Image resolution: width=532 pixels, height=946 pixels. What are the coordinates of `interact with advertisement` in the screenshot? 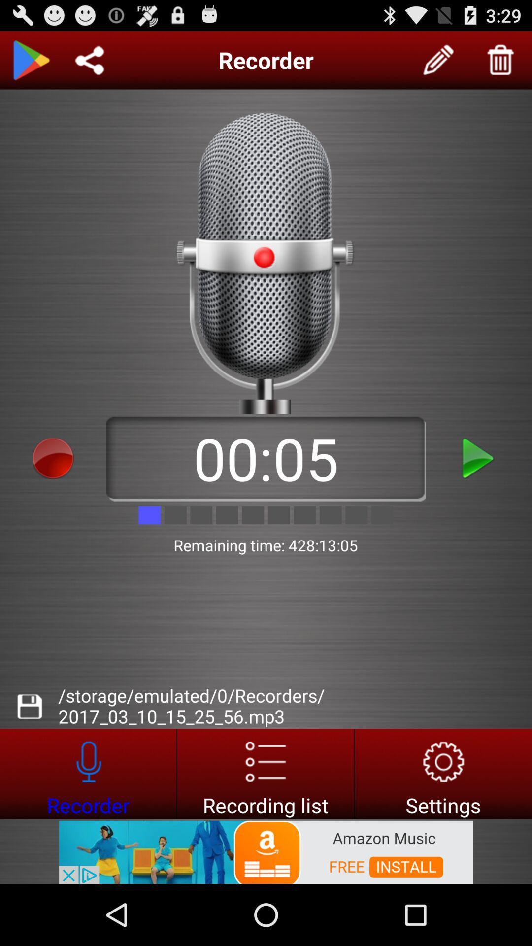 It's located at (266, 851).